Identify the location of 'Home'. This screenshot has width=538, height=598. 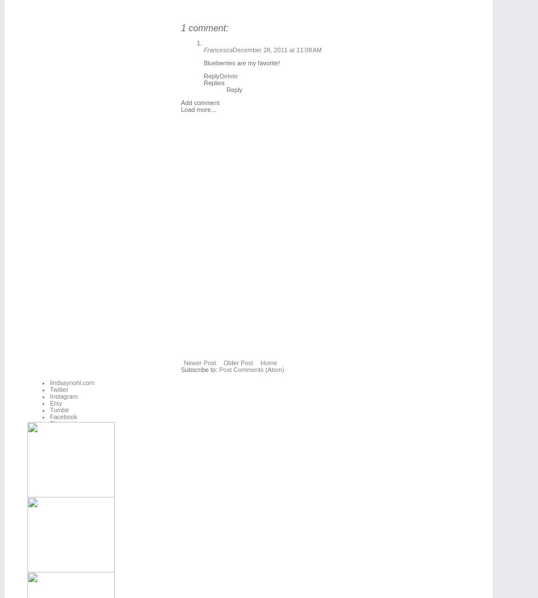
(267, 362).